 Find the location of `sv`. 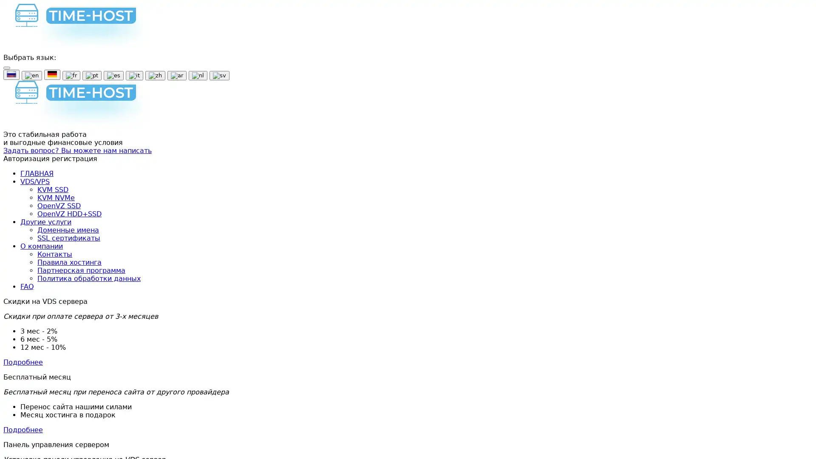

sv is located at coordinates (219, 75).